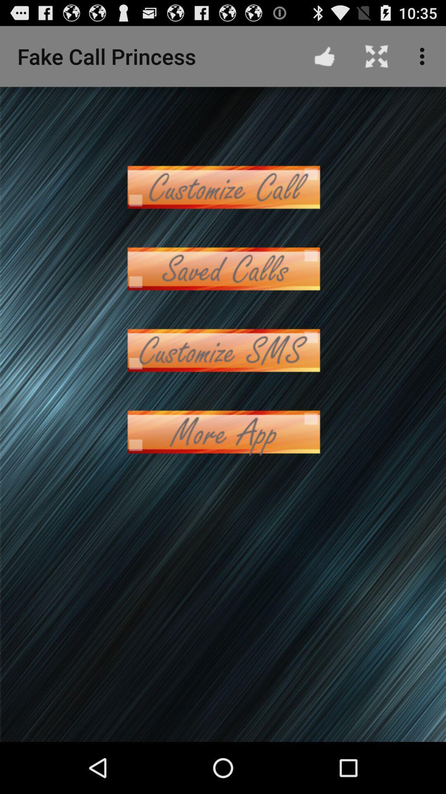  What do you see at coordinates (223, 350) in the screenshot?
I see `sms patturn` at bounding box center [223, 350].